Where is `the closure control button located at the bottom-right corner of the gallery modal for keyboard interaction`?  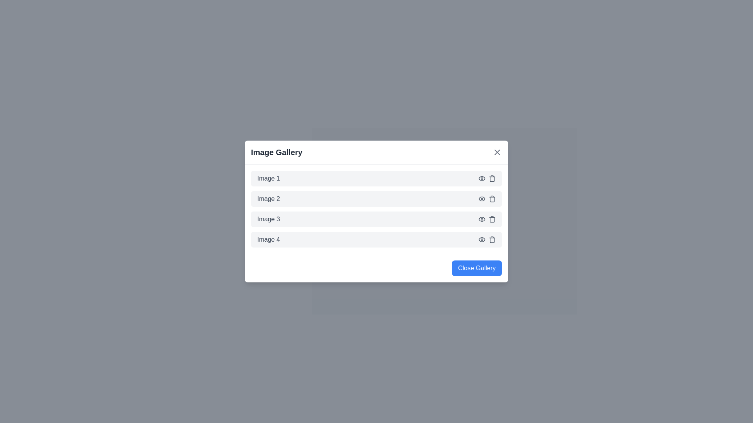 the closure control button located at the bottom-right corner of the gallery modal for keyboard interaction is located at coordinates (476, 268).